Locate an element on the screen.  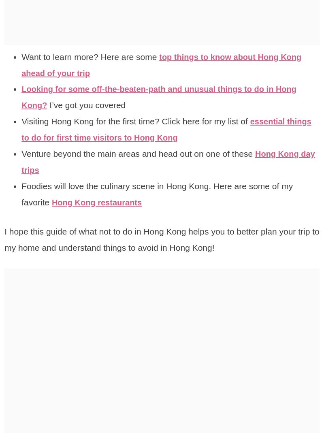
'I’ve got you covered' is located at coordinates (47, 105).